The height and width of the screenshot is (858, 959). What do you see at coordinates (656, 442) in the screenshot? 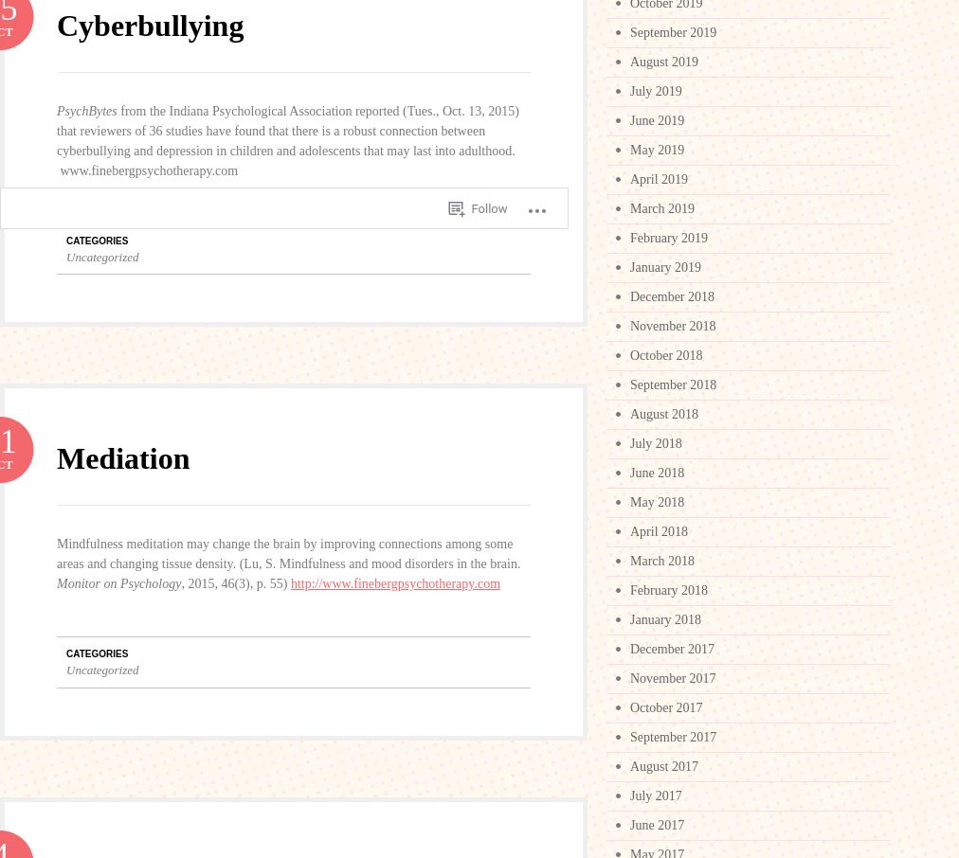
I see `'July 2018'` at bounding box center [656, 442].